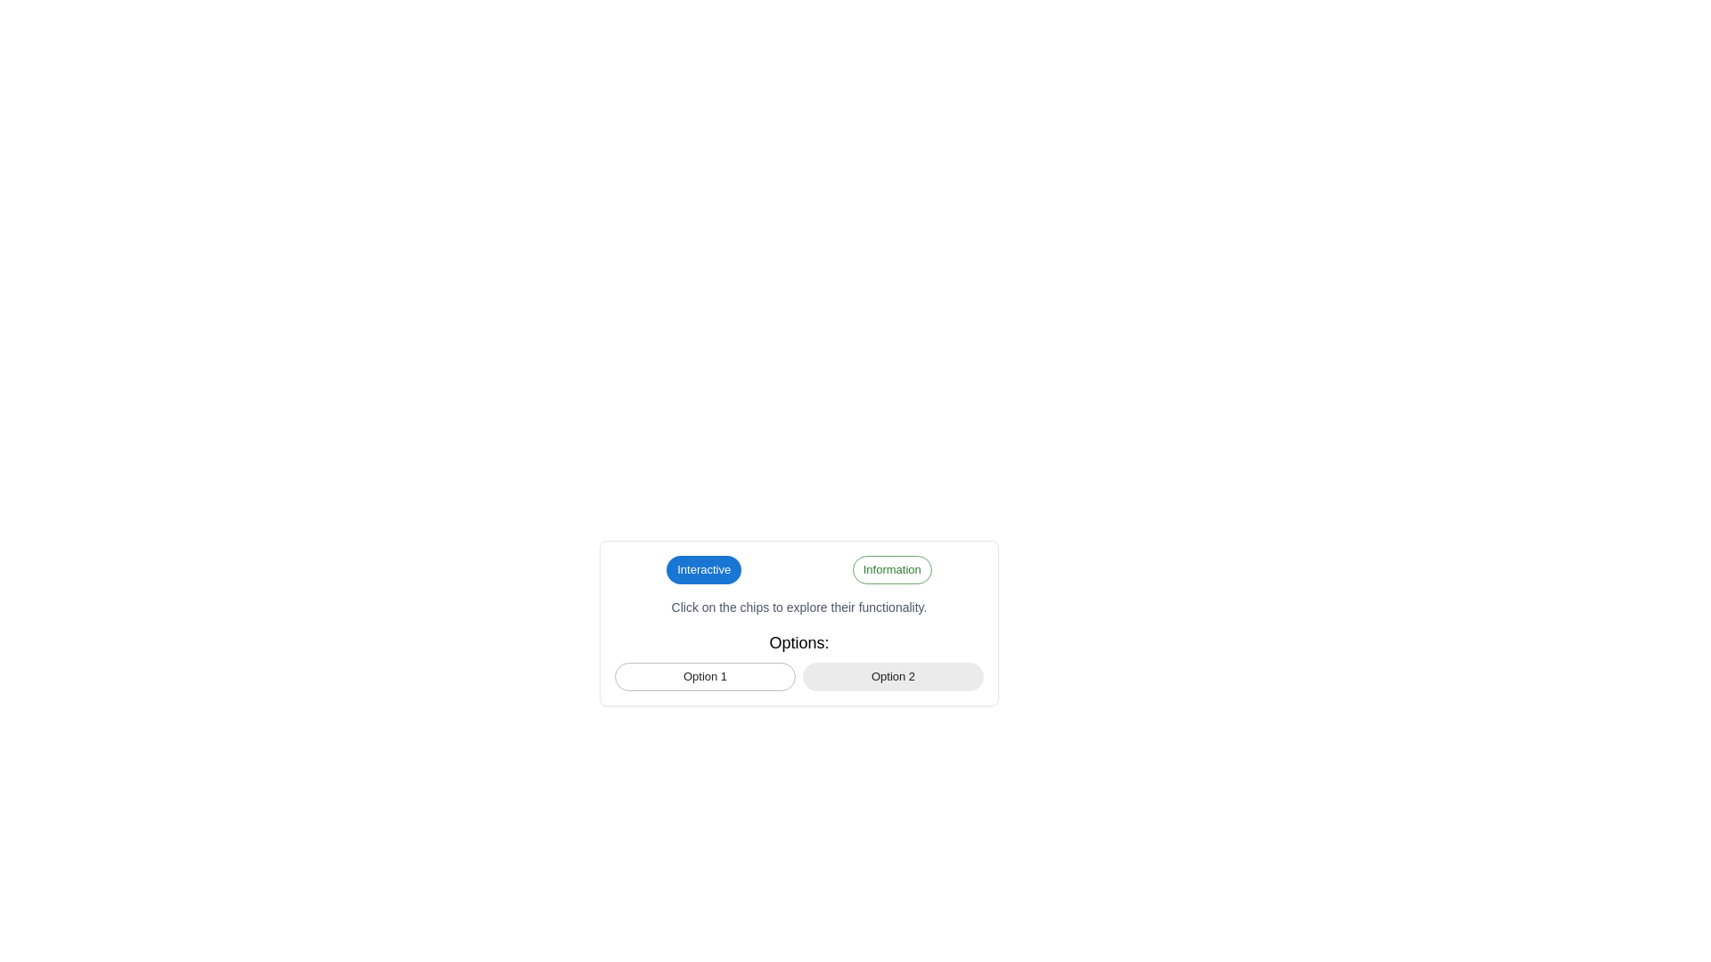 The image size is (1711, 962). What do you see at coordinates (893, 676) in the screenshot?
I see `the 'Option 2' button-like chip component to trigger the tooltip or focus effect` at bounding box center [893, 676].